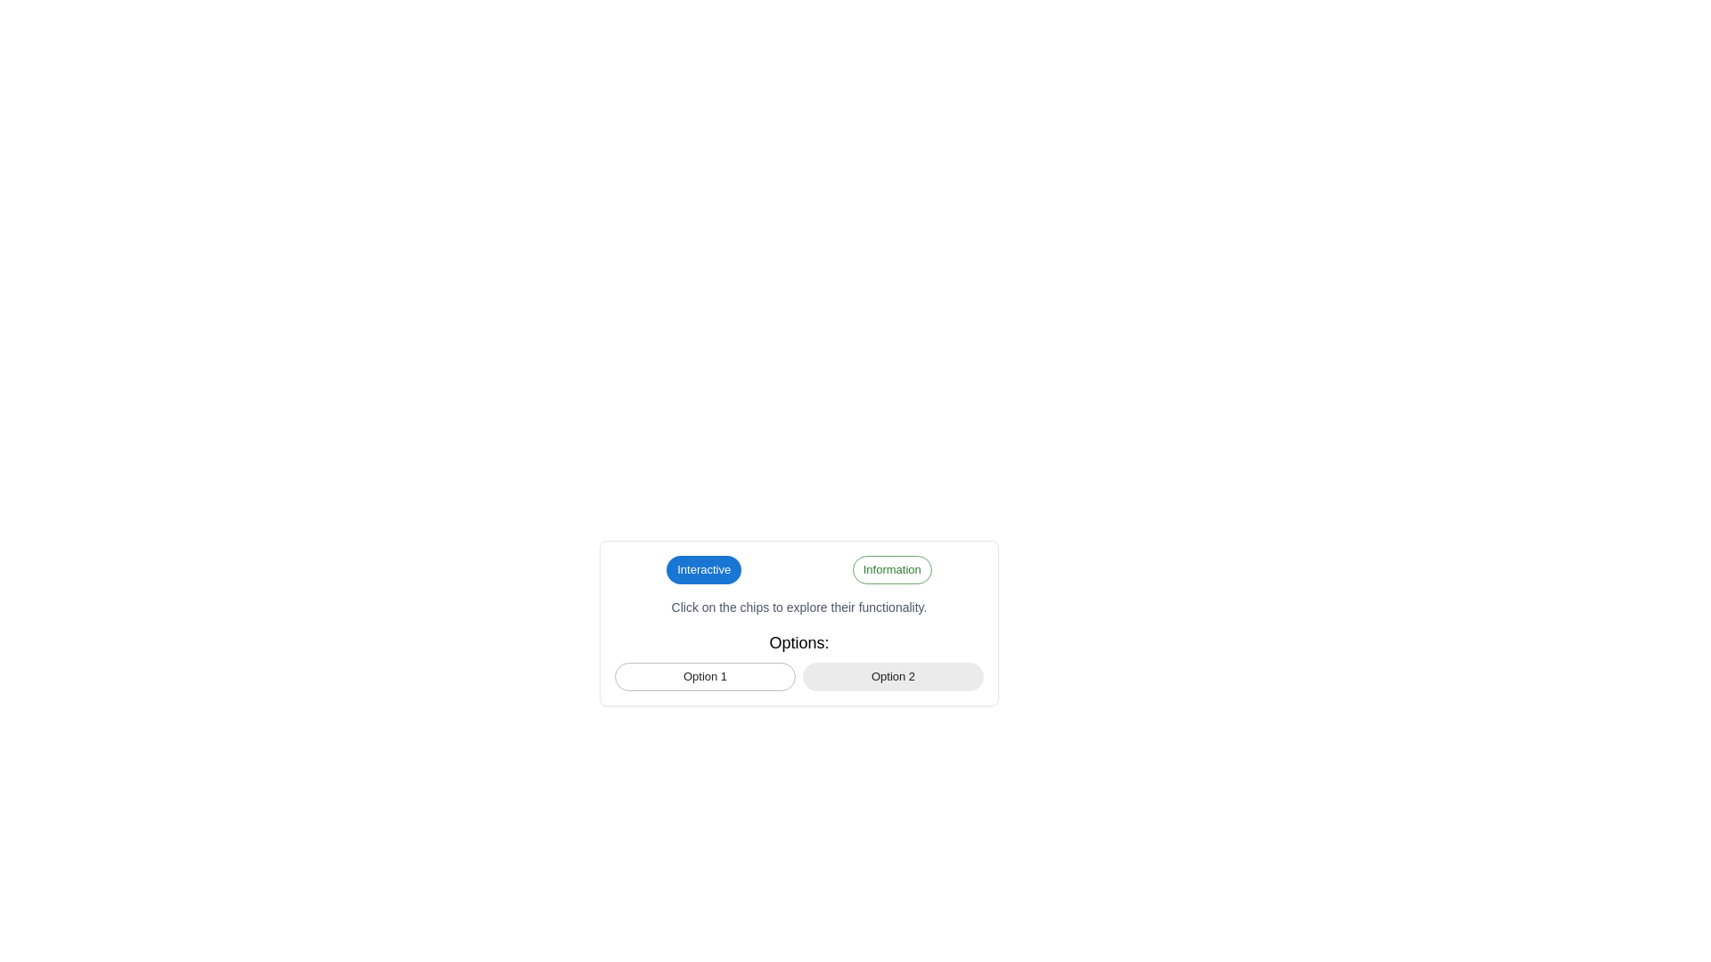 The image size is (1711, 962). What do you see at coordinates (893, 676) in the screenshot?
I see `the 'Option 2' button-like chip component to trigger the tooltip or focus effect` at bounding box center [893, 676].